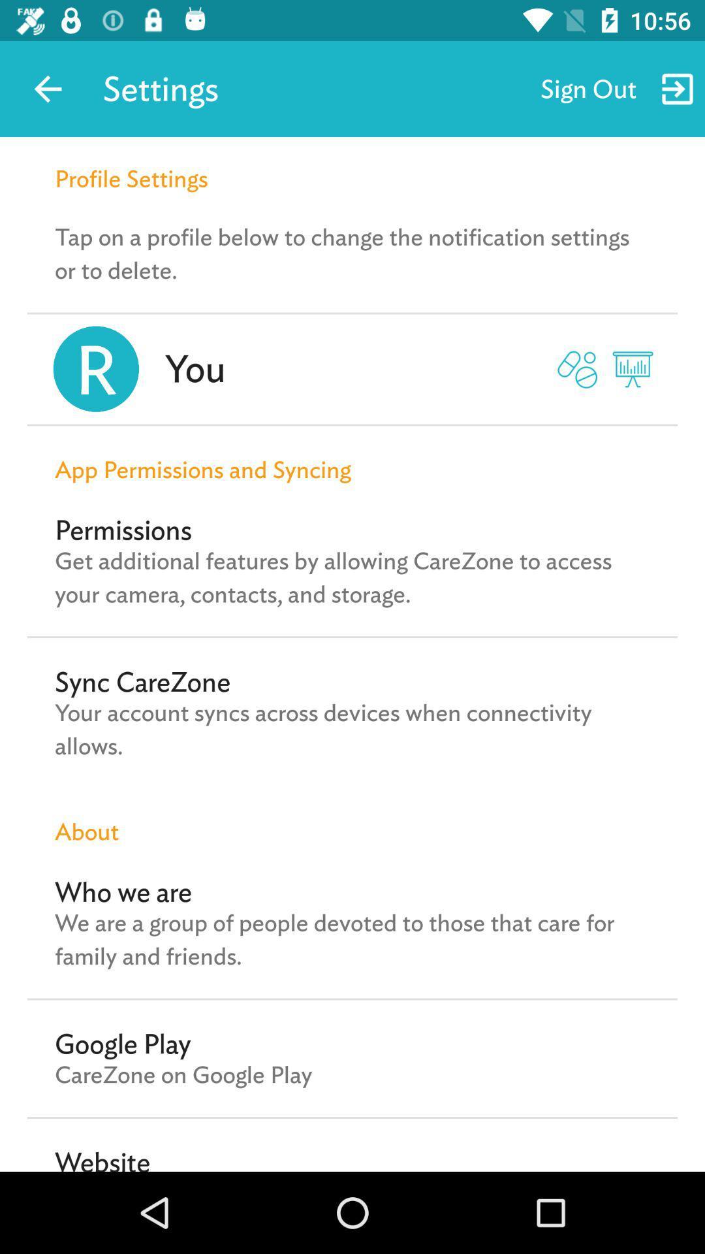  What do you see at coordinates (47, 88) in the screenshot?
I see `the item above profile settings` at bounding box center [47, 88].